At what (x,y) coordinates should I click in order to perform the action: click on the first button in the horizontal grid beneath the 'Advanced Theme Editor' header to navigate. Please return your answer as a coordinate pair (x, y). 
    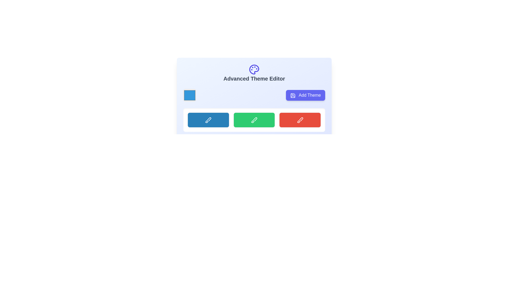
    Looking at the image, I should click on (208, 120).